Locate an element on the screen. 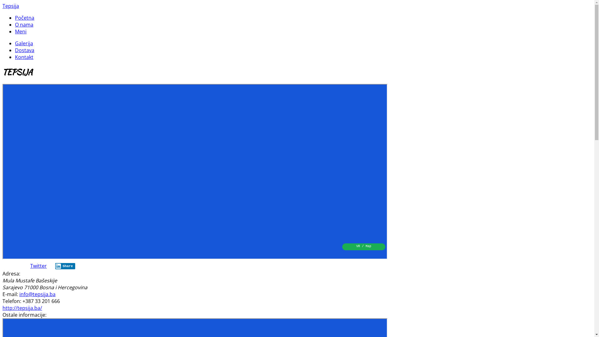 This screenshot has height=337, width=599. 'Share' is located at coordinates (55, 266).